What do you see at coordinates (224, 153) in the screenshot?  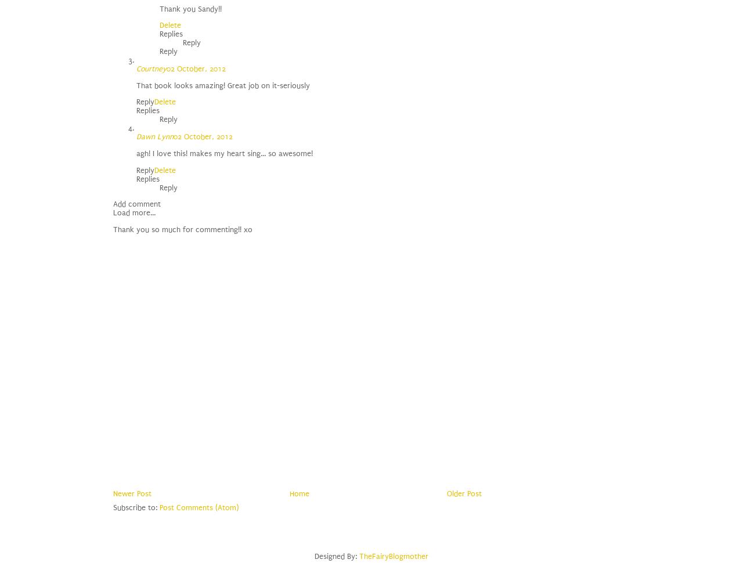 I see `'agh! I love this! makes my heart sing... so awesome!'` at bounding box center [224, 153].